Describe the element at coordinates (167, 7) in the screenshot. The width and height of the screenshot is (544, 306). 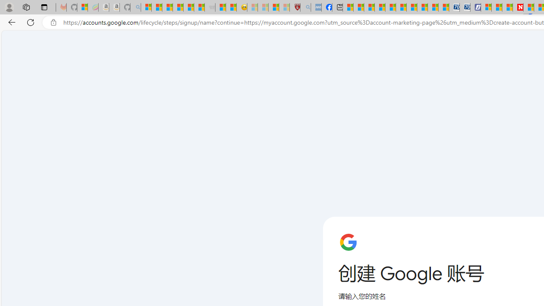
I see `'The Weather Channel - MSN'` at that location.